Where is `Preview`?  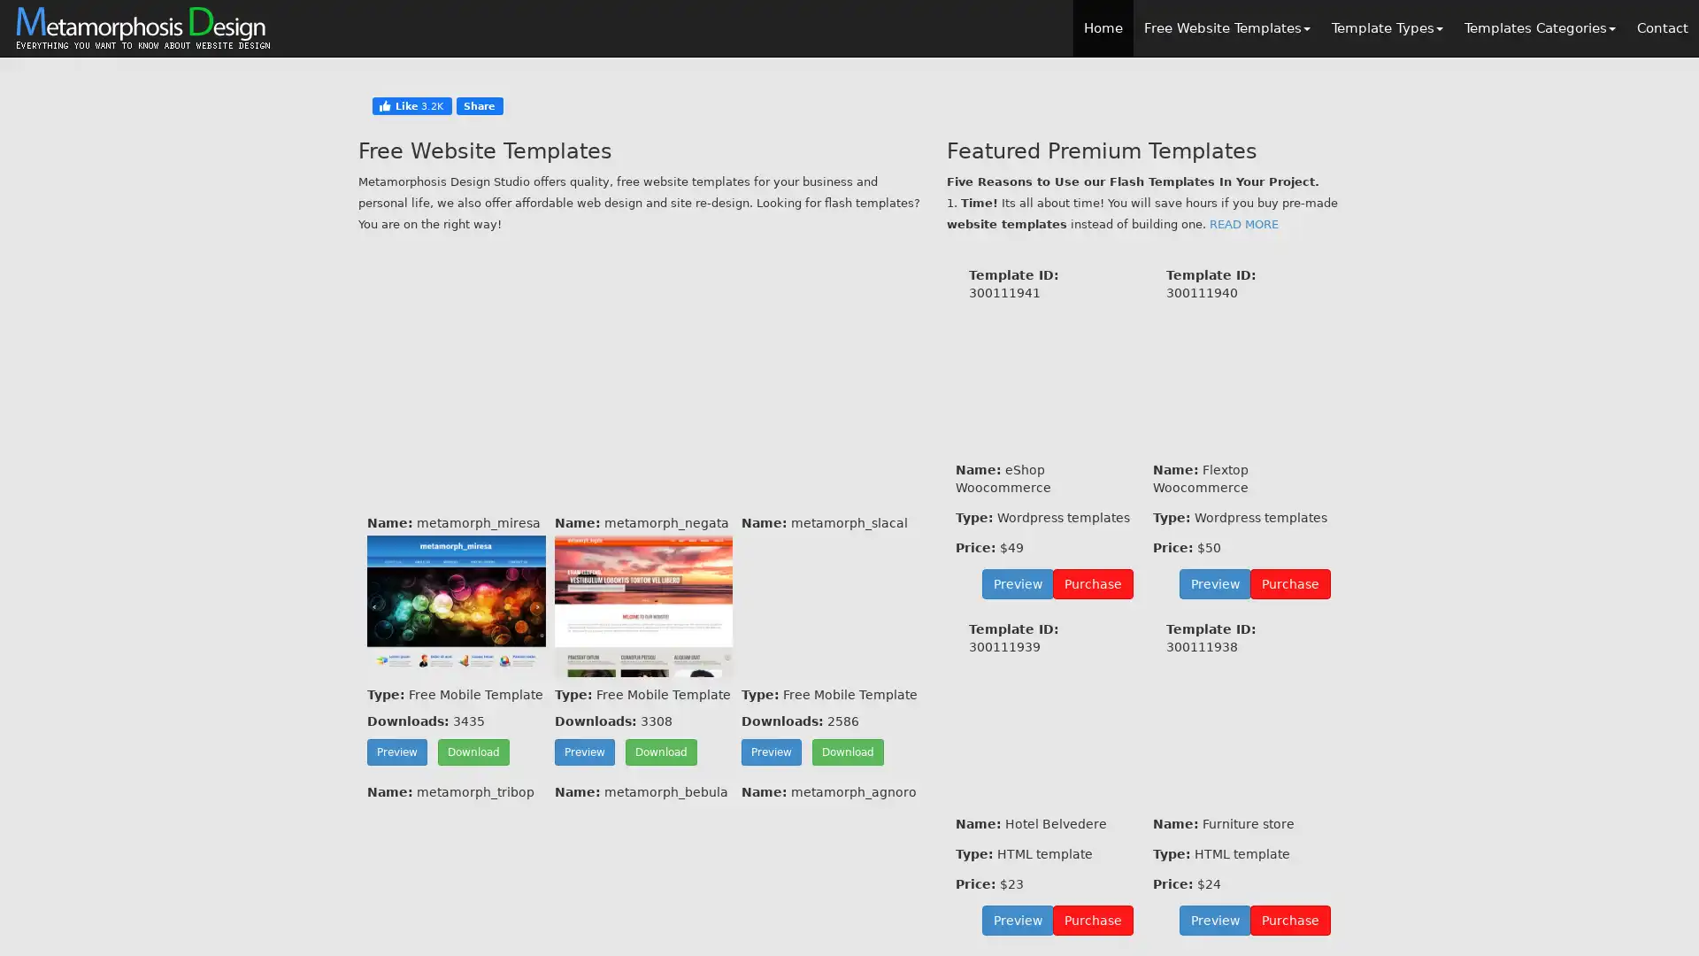 Preview is located at coordinates (1213, 583).